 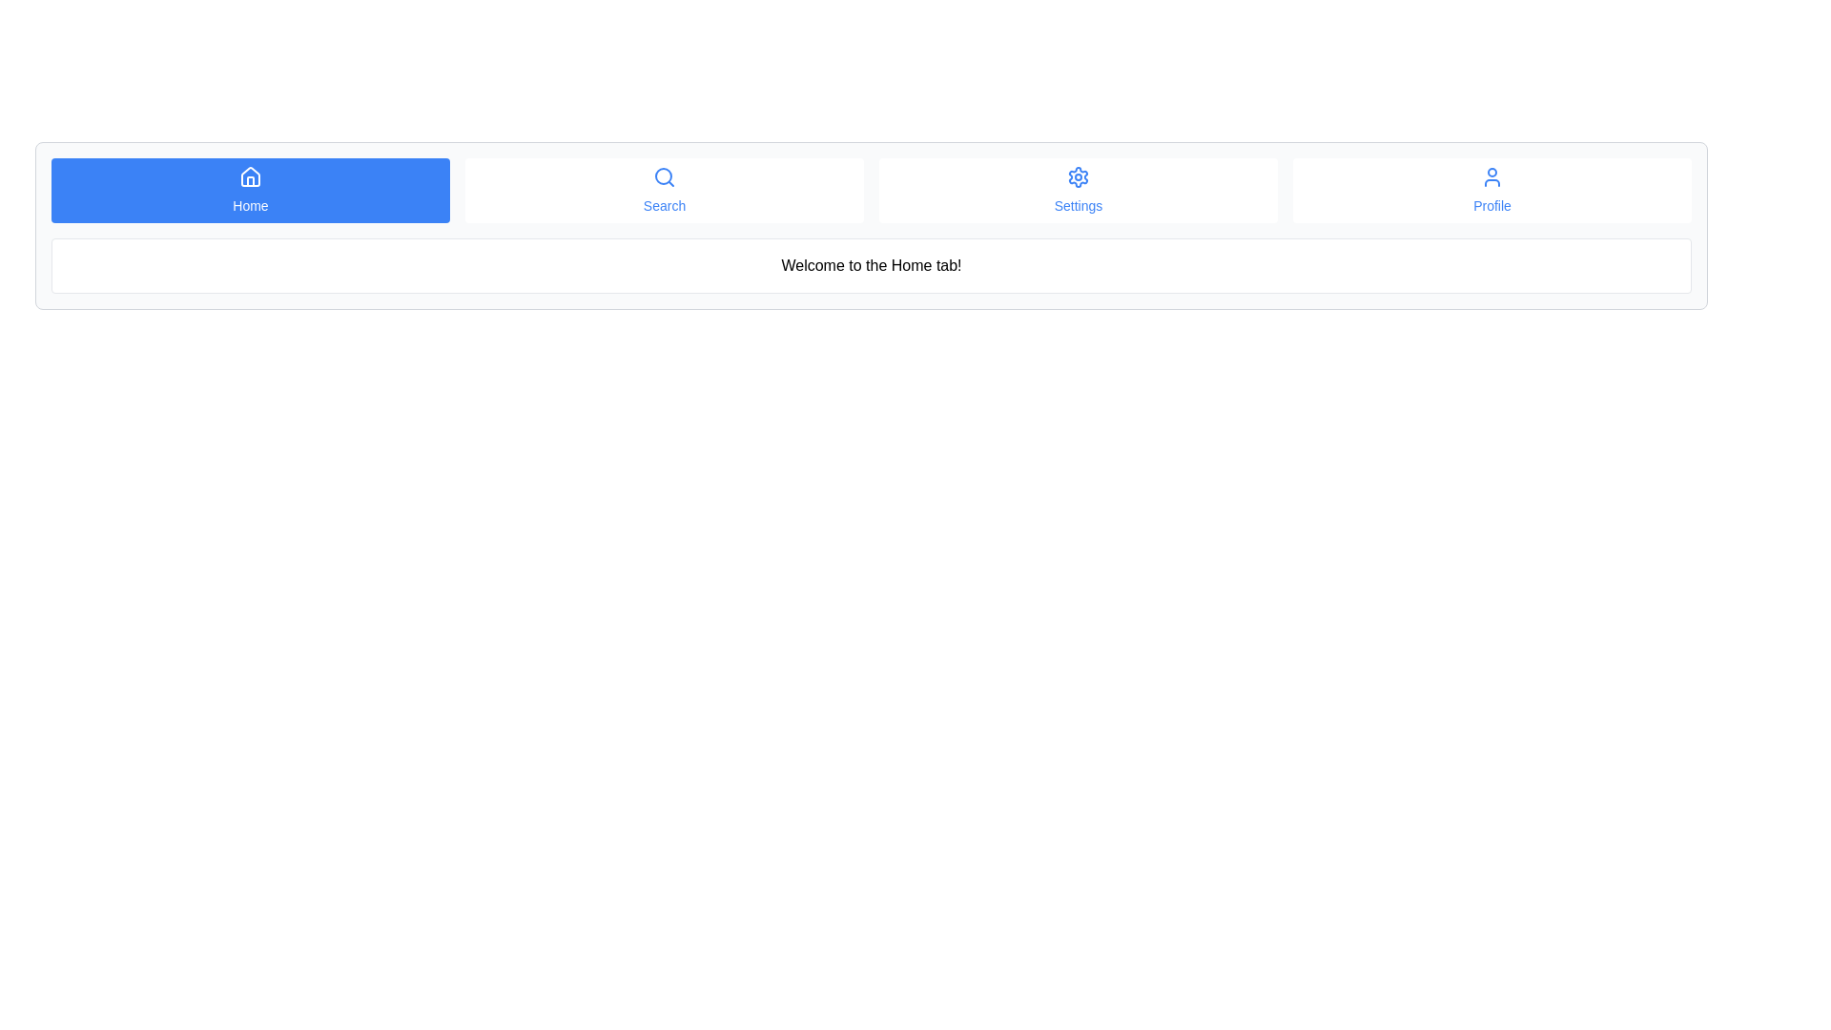 What do you see at coordinates (250, 181) in the screenshot?
I see `the door of the house icon located within the 'Home' button on the navigation bar` at bounding box center [250, 181].